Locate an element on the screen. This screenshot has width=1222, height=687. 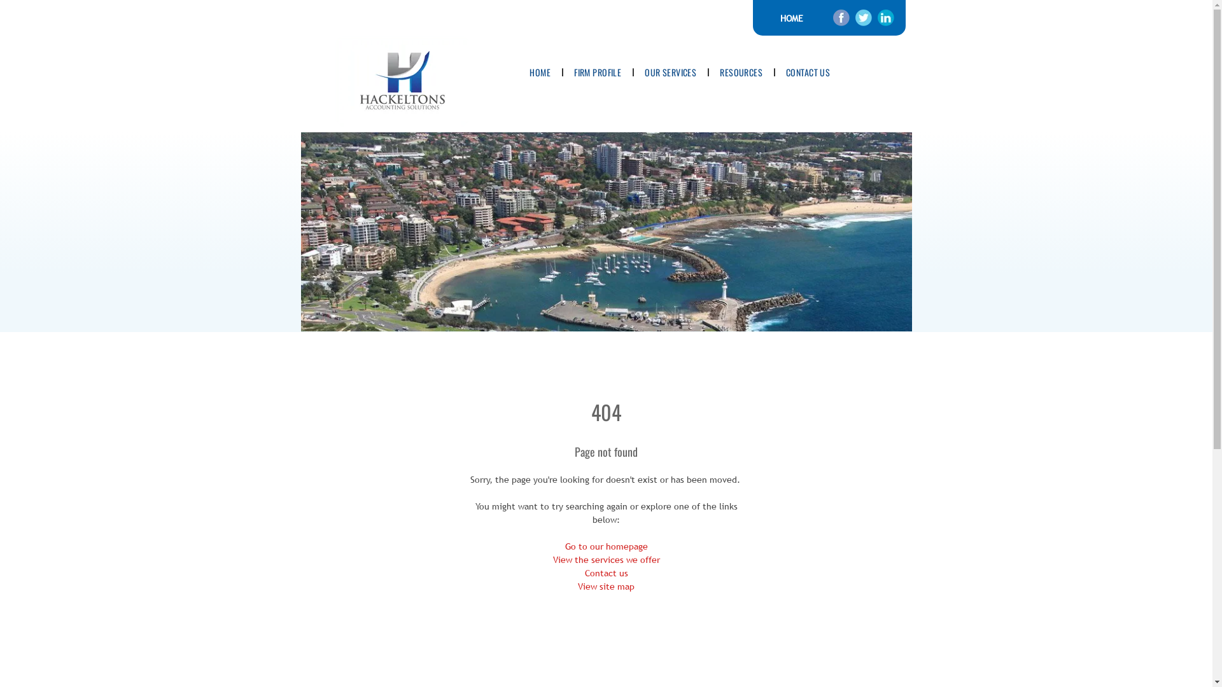
'Contact us' is located at coordinates (605, 573).